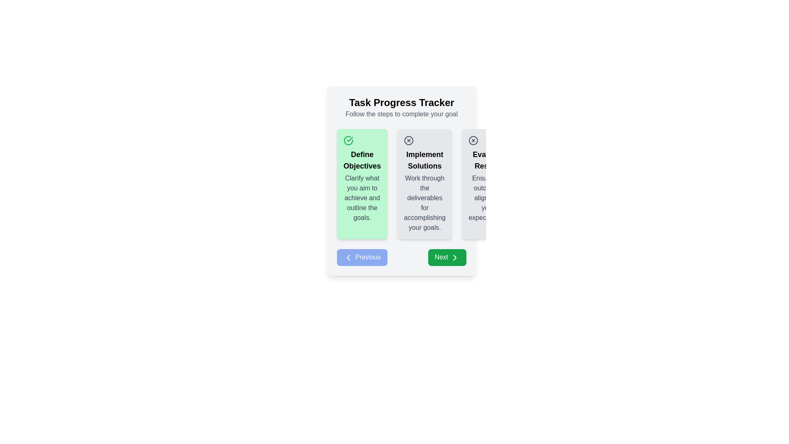  I want to click on the 'Next' button located at the bottom right corner of the interface, which is visually indicated by a green button containing a right-facing chevron icon, so click(454, 257).